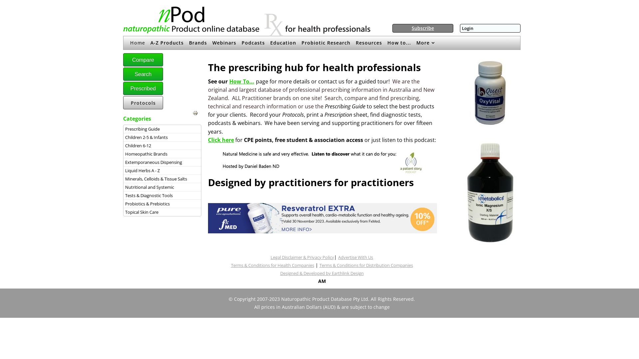 This screenshot has height=359, width=639. I want to click on 'Tests & Diagnostic Tools', so click(125, 195).